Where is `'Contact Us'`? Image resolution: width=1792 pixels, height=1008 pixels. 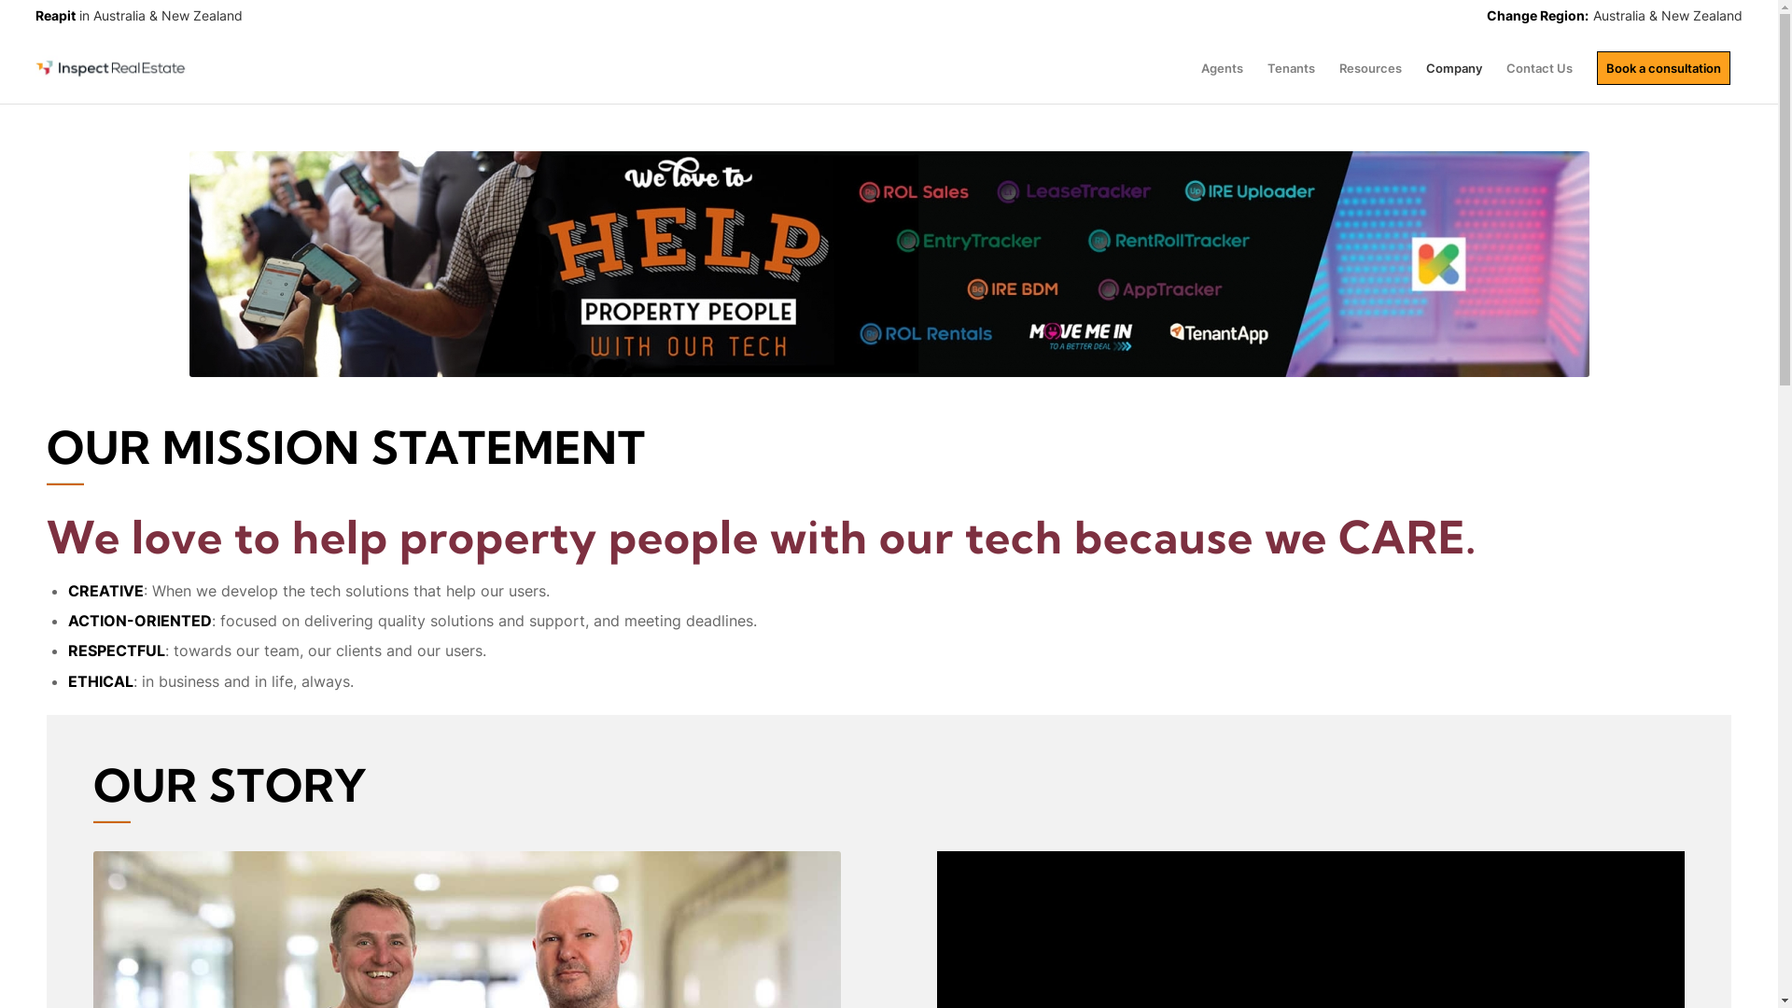 'Contact Us' is located at coordinates (1539, 67).